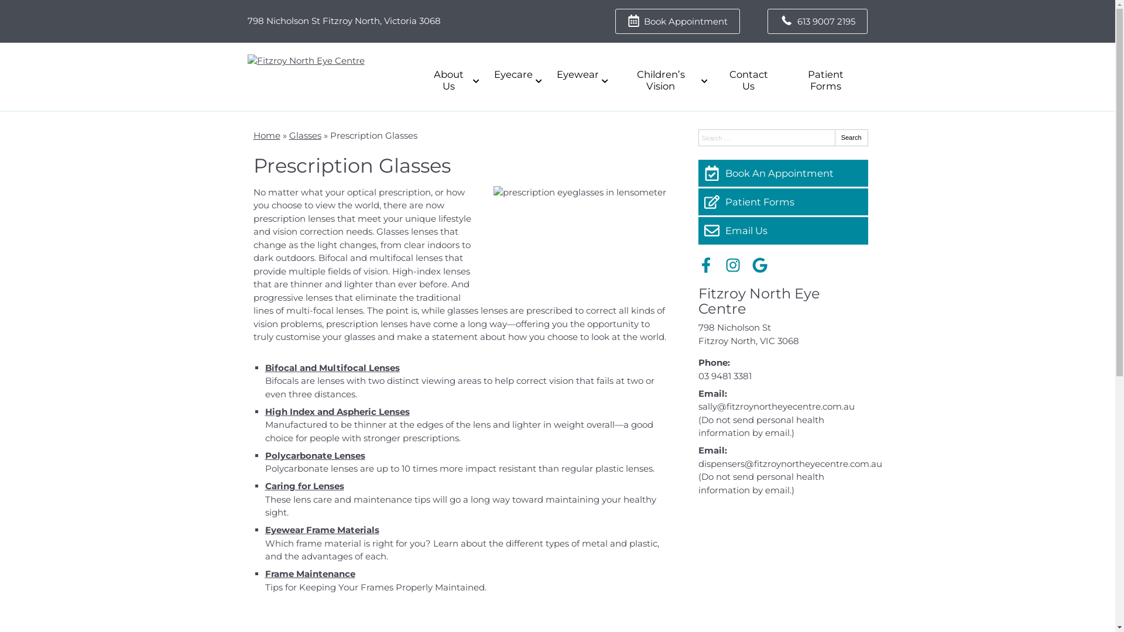  What do you see at coordinates (342, 20) in the screenshot?
I see `'798 Nicholson St Fitzroy North, Victoria 3068'` at bounding box center [342, 20].